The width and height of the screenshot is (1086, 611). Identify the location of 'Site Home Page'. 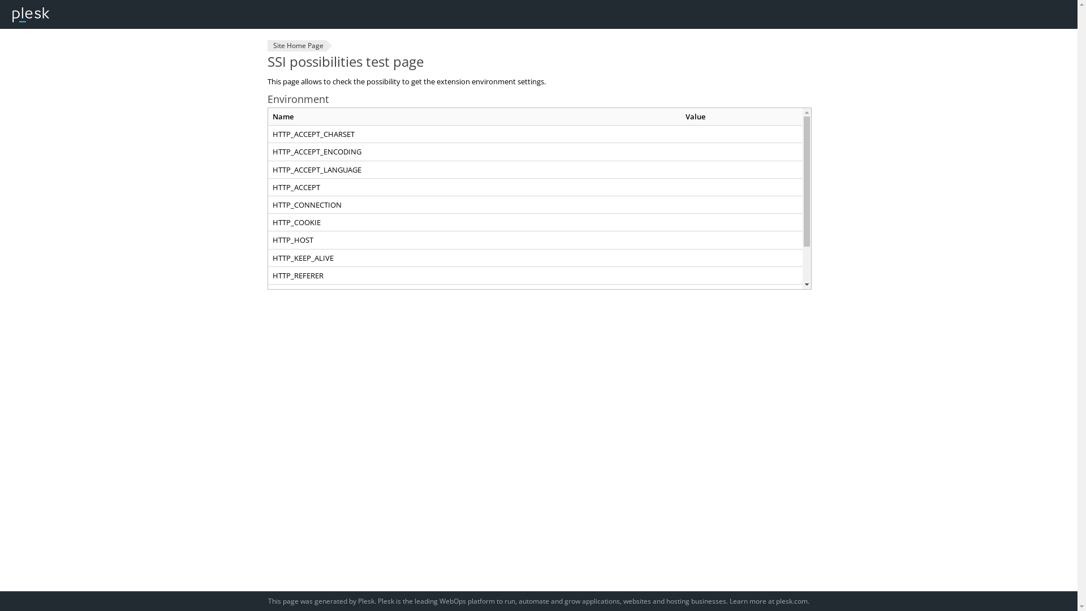
(296, 45).